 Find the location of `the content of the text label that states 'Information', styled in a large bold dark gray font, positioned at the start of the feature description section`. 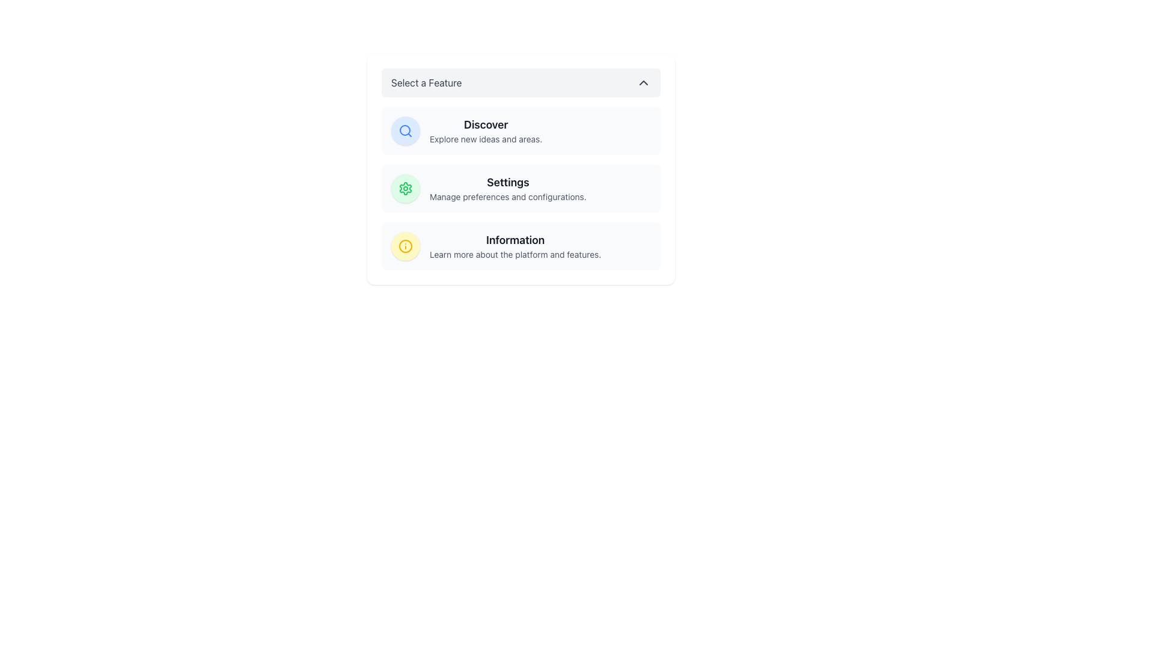

the content of the text label that states 'Information', styled in a large bold dark gray font, positioned at the start of the feature description section is located at coordinates (515, 240).